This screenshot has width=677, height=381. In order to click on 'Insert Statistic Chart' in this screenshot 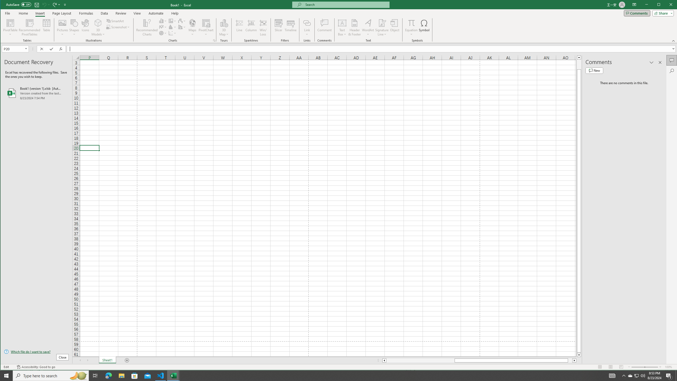, I will do `click(172, 27)`.